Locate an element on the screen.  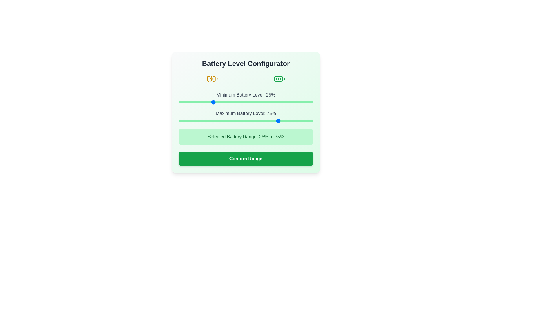
the slider is located at coordinates (257, 120).